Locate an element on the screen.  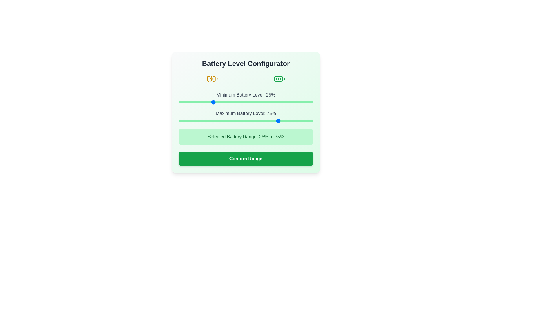
the slider is located at coordinates (257, 120).